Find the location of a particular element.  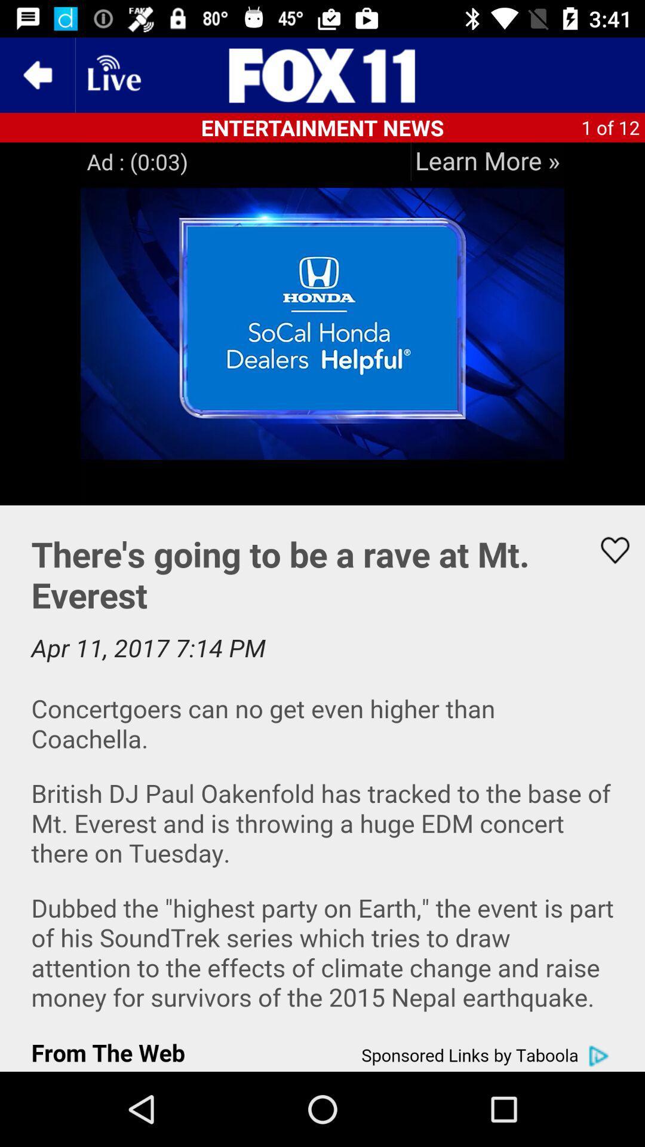

the arrow_backward icon is located at coordinates (36, 74).